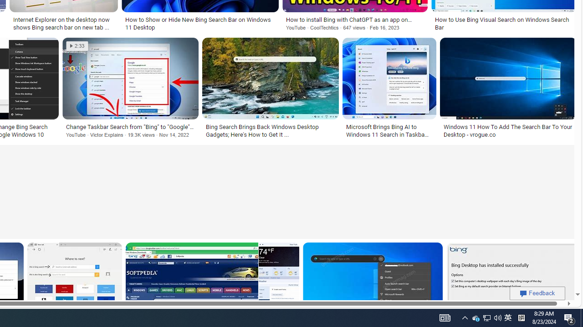 This screenshot has width=583, height=327. What do you see at coordinates (77, 46) in the screenshot?
I see `'2:33'` at bounding box center [77, 46].